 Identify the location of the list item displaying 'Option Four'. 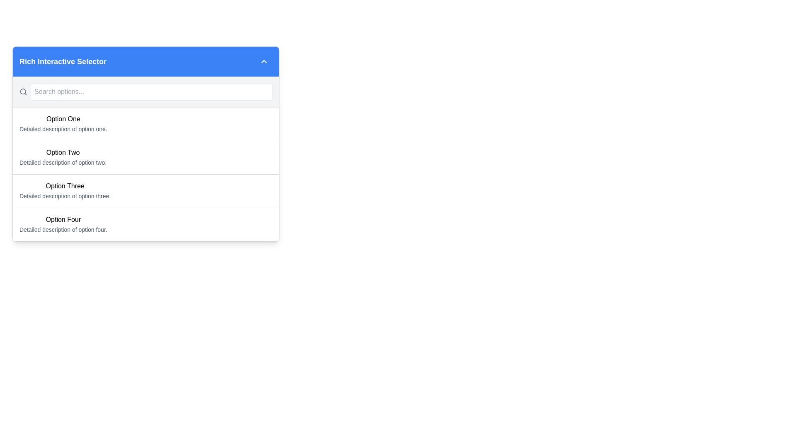
(63, 225).